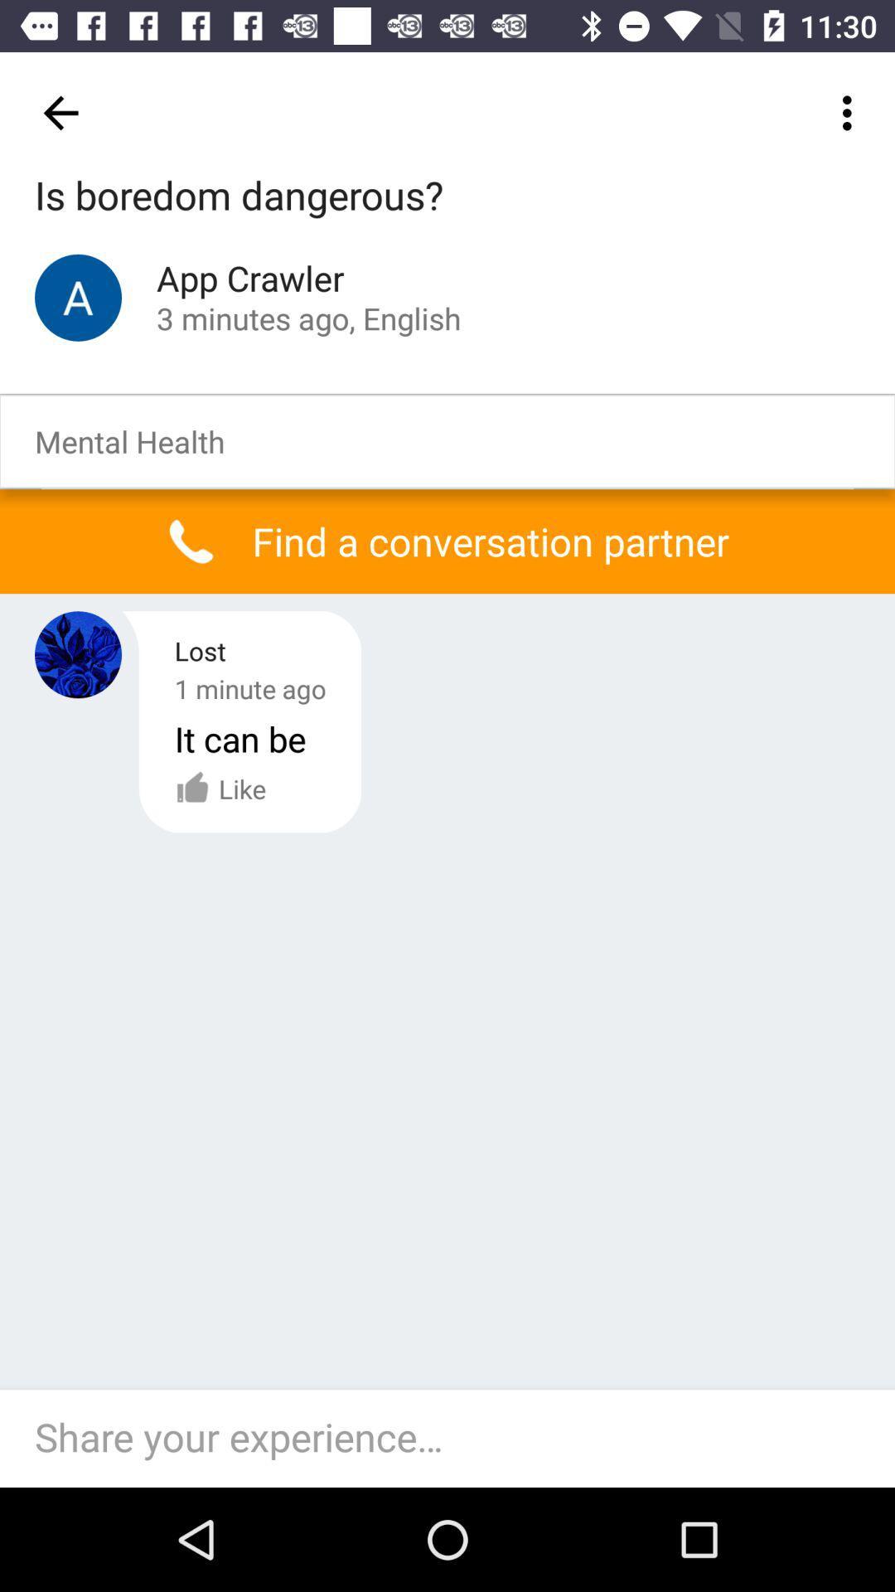  Describe the element at coordinates (456, 1438) in the screenshot. I see `answer` at that location.